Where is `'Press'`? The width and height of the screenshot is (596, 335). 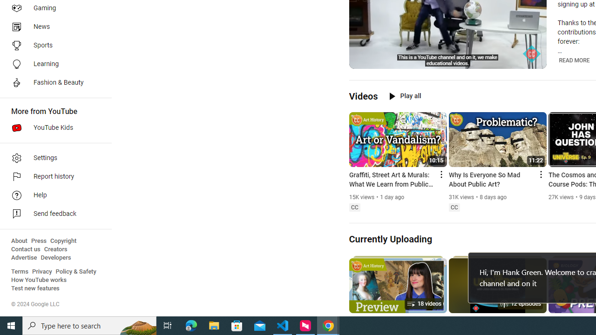 'Press' is located at coordinates (38, 241).